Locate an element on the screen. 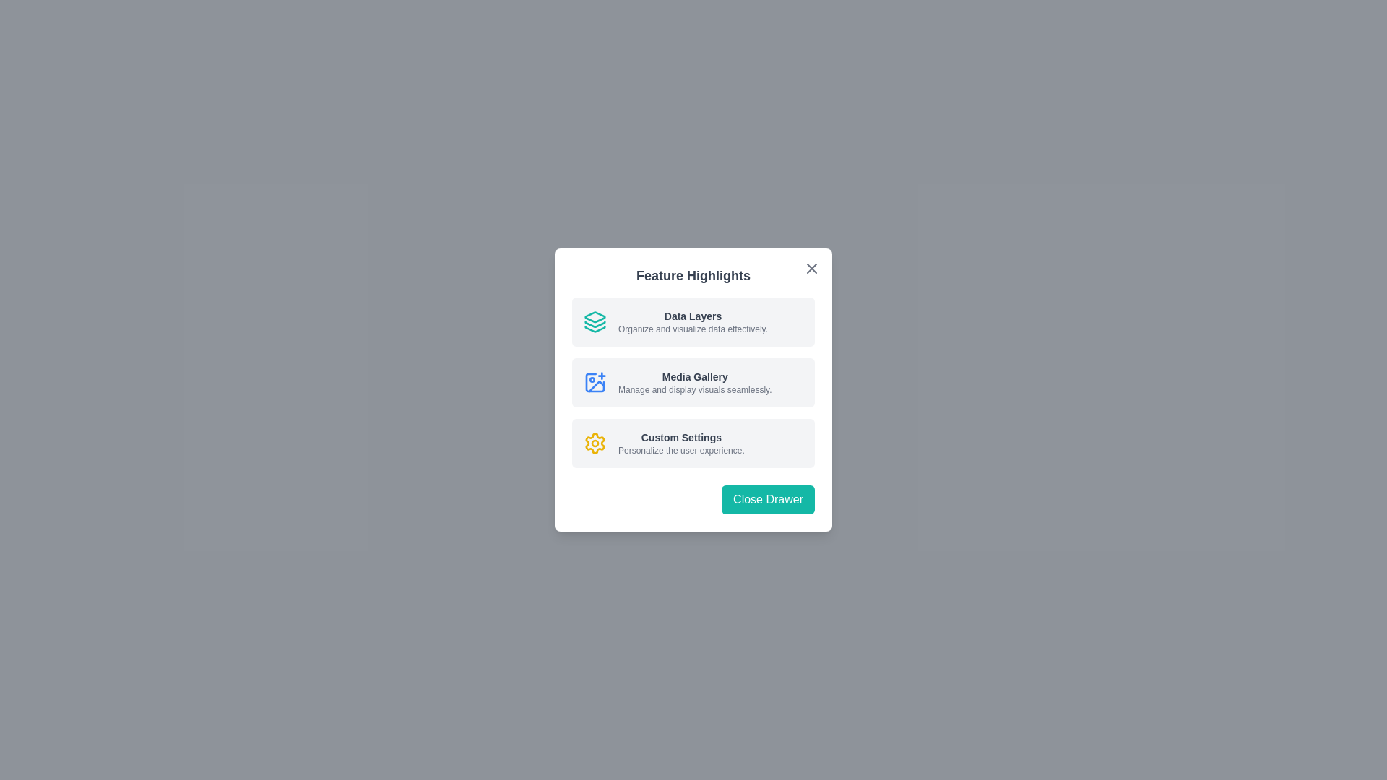 This screenshot has height=780, width=1387. the close button located at the top-right corner of the 'Feature Highlights' dialog to change its color is located at coordinates (811, 268).